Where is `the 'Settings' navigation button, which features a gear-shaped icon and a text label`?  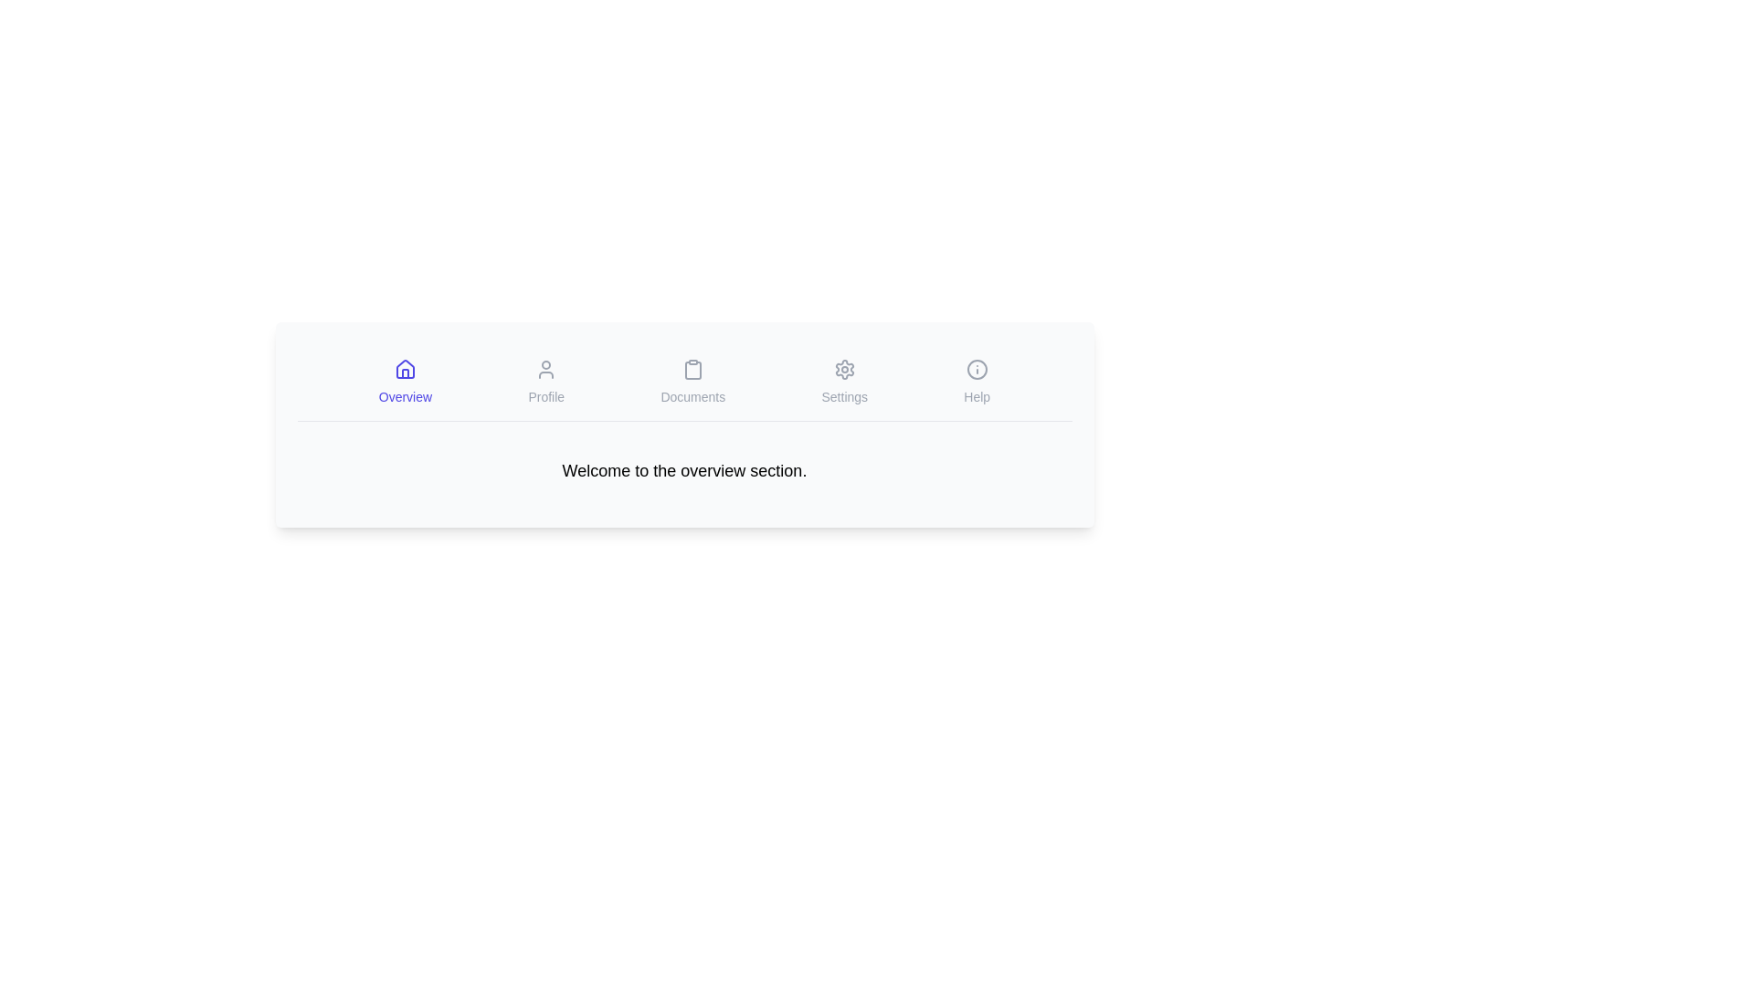 the 'Settings' navigation button, which features a gear-shaped icon and a text label is located at coordinates (843, 382).